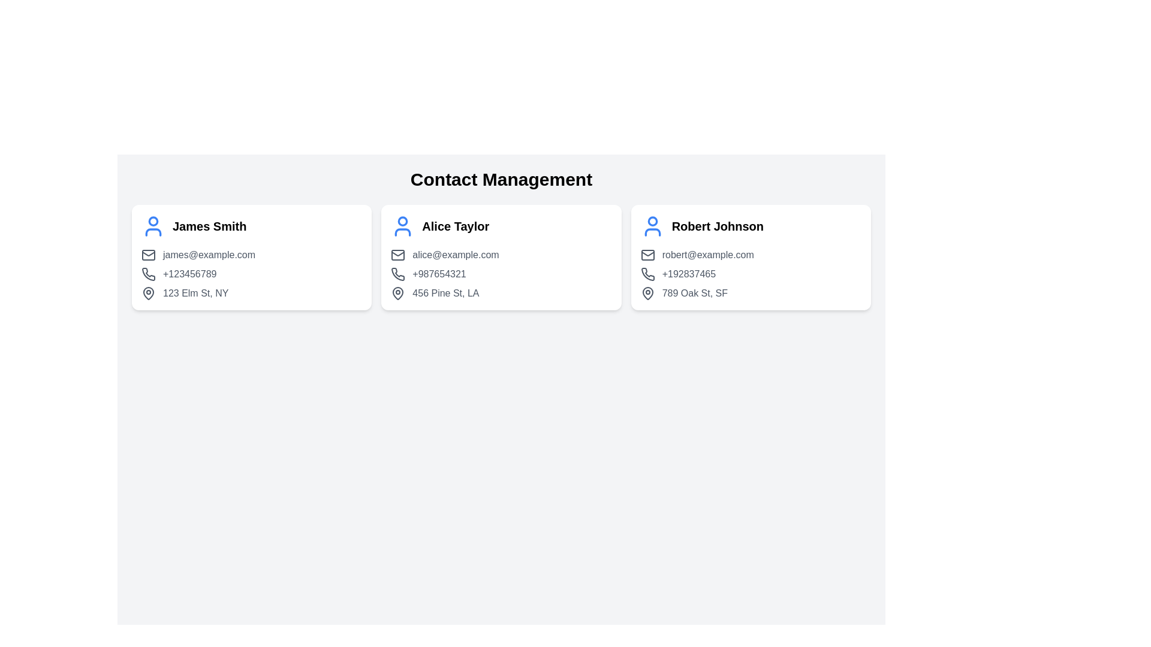 This screenshot has width=1151, height=647. Describe the element at coordinates (403, 221) in the screenshot. I see `the central circular icon in the avatar area of the contact card for 'Alice Taylor'` at that location.